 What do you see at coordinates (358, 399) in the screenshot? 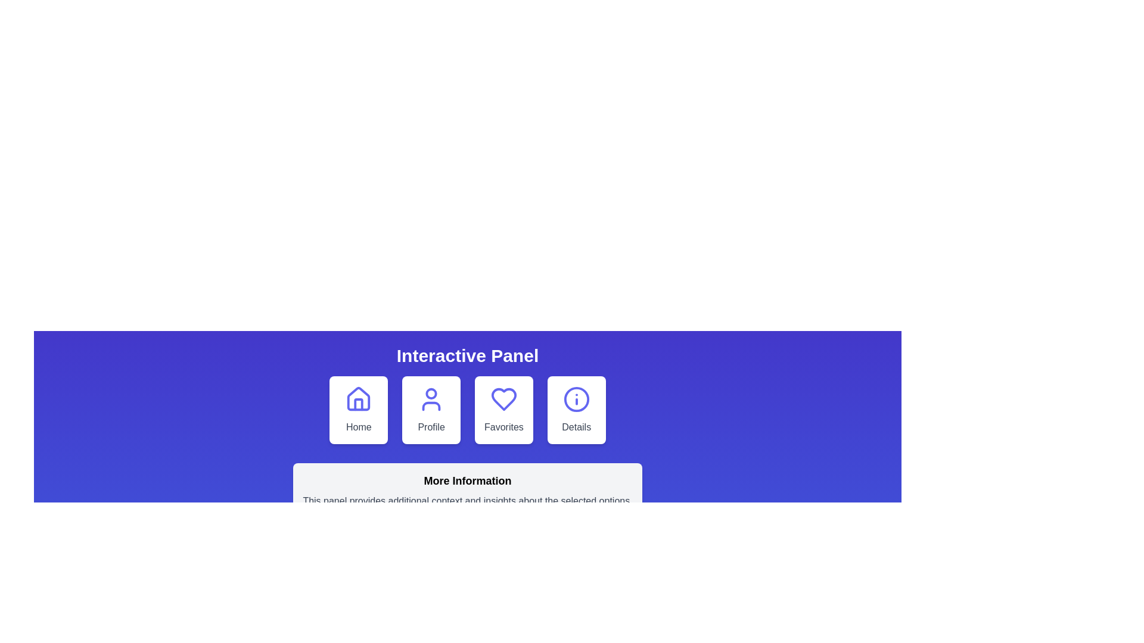
I see `the 'Home' icon in the interactive panel, which is the first option in the horizontally aligned menu of buttons below the title 'Interactive Panel.'` at bounding box center [358, 399].